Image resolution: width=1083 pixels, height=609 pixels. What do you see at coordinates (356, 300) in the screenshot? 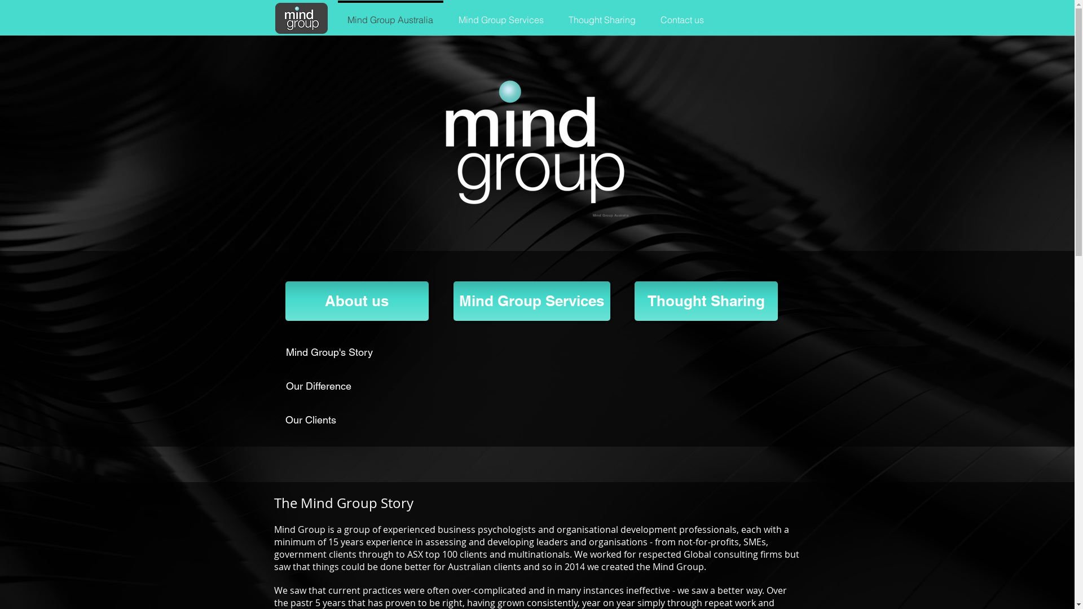
I see `'About us'` at bounding box center [356, 300].